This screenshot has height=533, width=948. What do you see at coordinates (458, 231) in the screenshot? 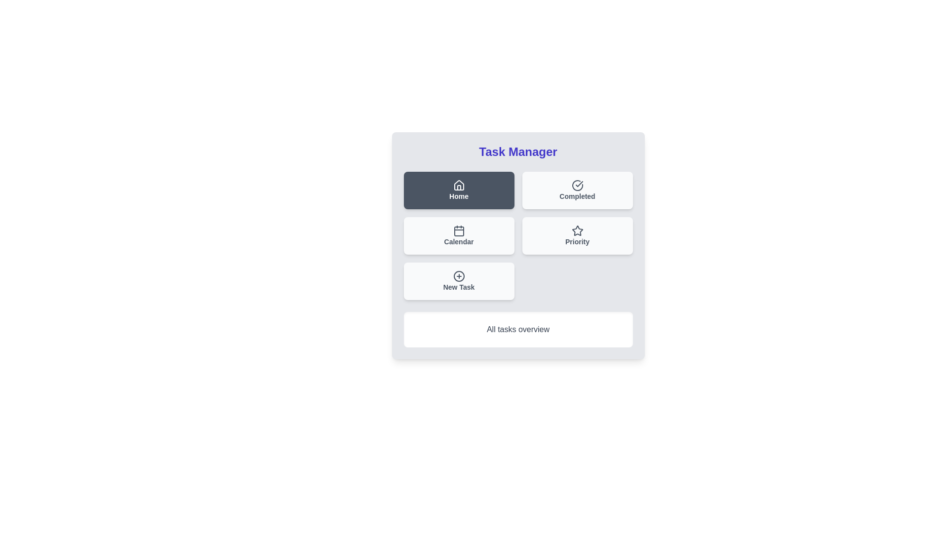
I see `the filled rectangular section of the calendar icon, which is styled with rounded corners and is located under the 'Calendar' label` at bounding box center [458, 231].